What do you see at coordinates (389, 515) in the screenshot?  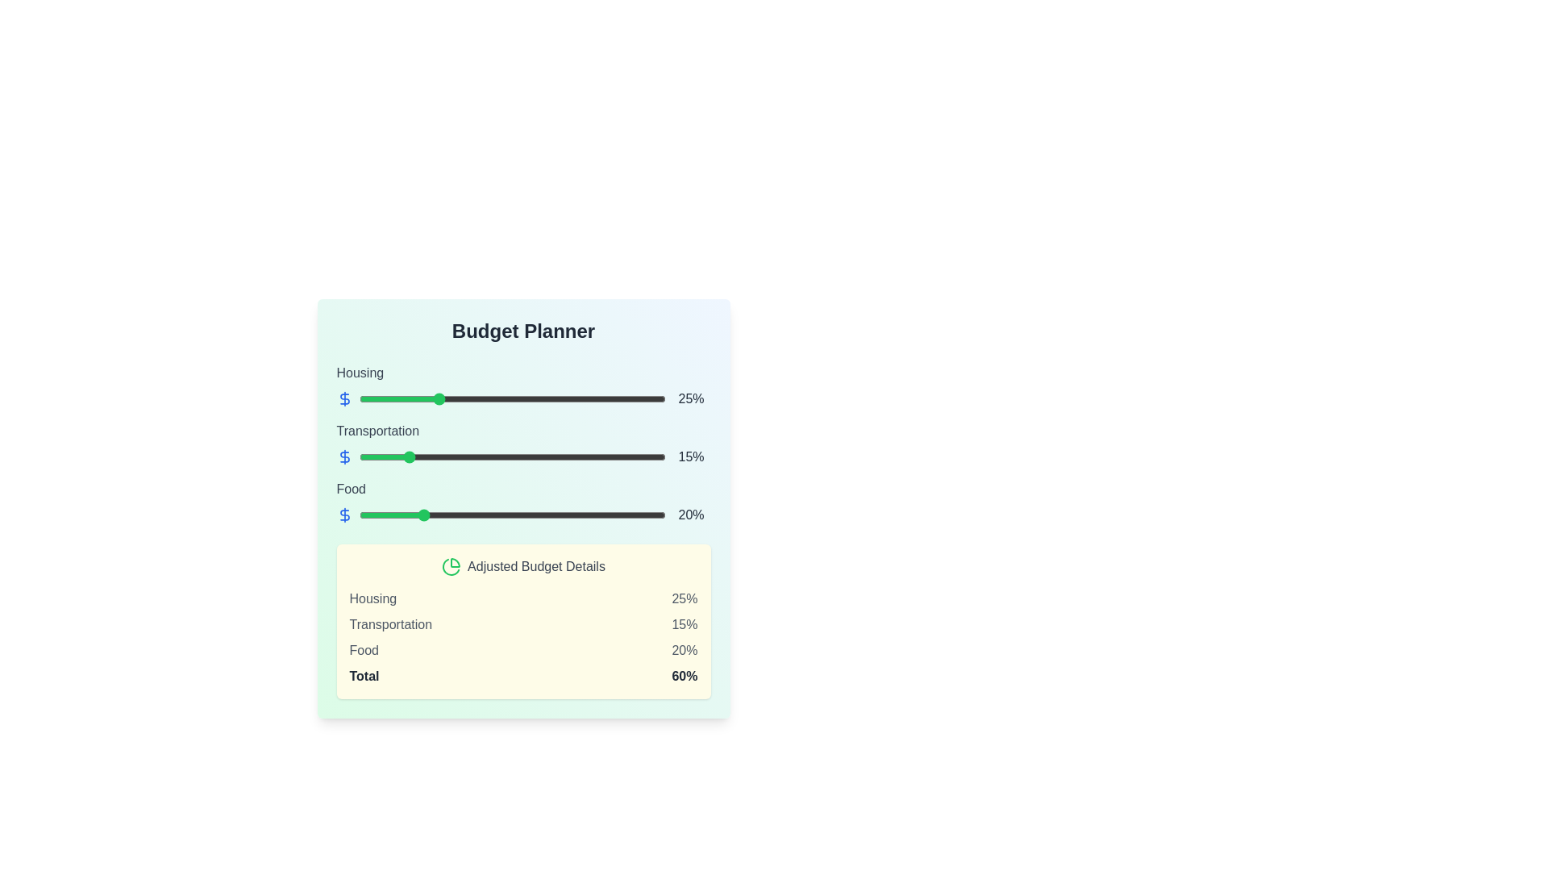 I see `the slider value` at bounding box center [389, 515].